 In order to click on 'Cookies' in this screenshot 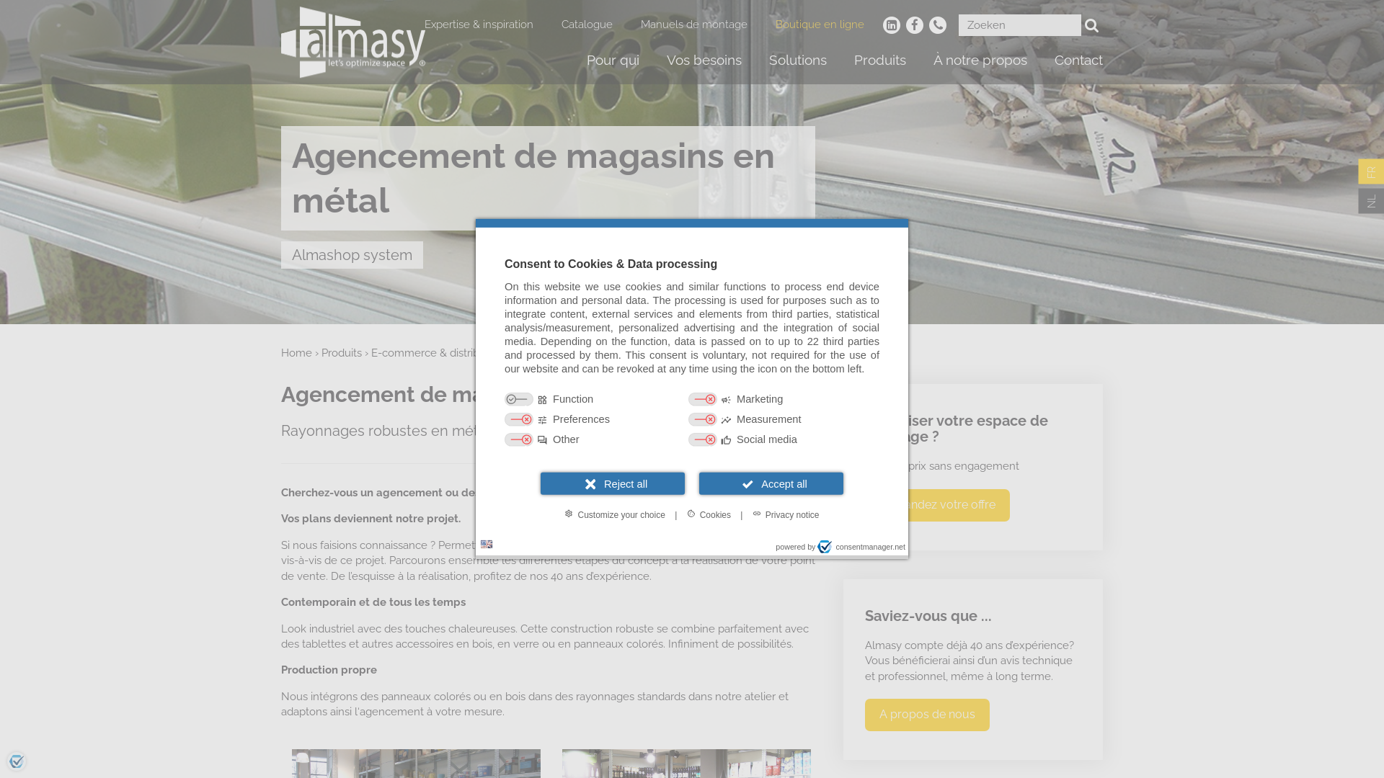, I will do `click(709, 513)`.